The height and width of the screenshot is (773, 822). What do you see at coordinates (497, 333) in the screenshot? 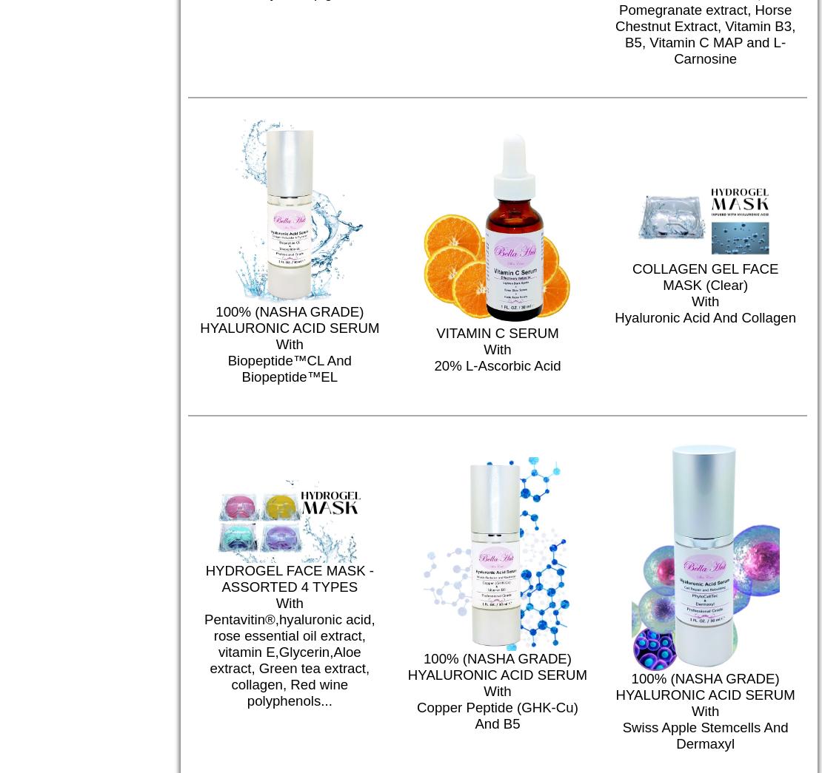
I see `'VITAMIN C SERUM'` at bounding box center [497, 333].